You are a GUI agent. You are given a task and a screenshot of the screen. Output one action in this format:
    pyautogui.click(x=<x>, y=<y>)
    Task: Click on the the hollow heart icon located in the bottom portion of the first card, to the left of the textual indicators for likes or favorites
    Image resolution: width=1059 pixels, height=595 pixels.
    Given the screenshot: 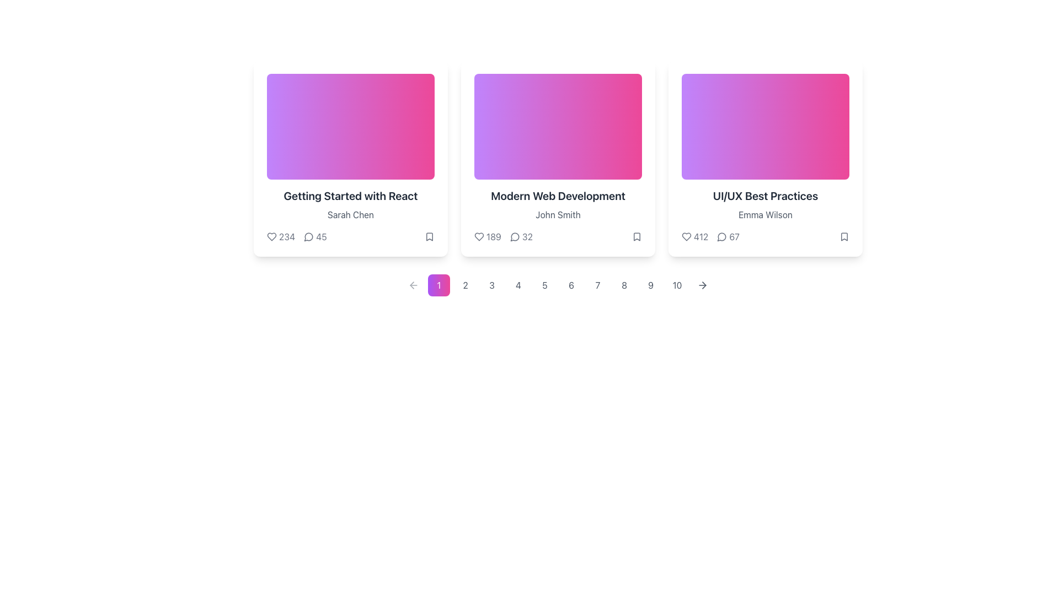 What is the action you would take?
    pyautogui.click(x=272, y=236)
    